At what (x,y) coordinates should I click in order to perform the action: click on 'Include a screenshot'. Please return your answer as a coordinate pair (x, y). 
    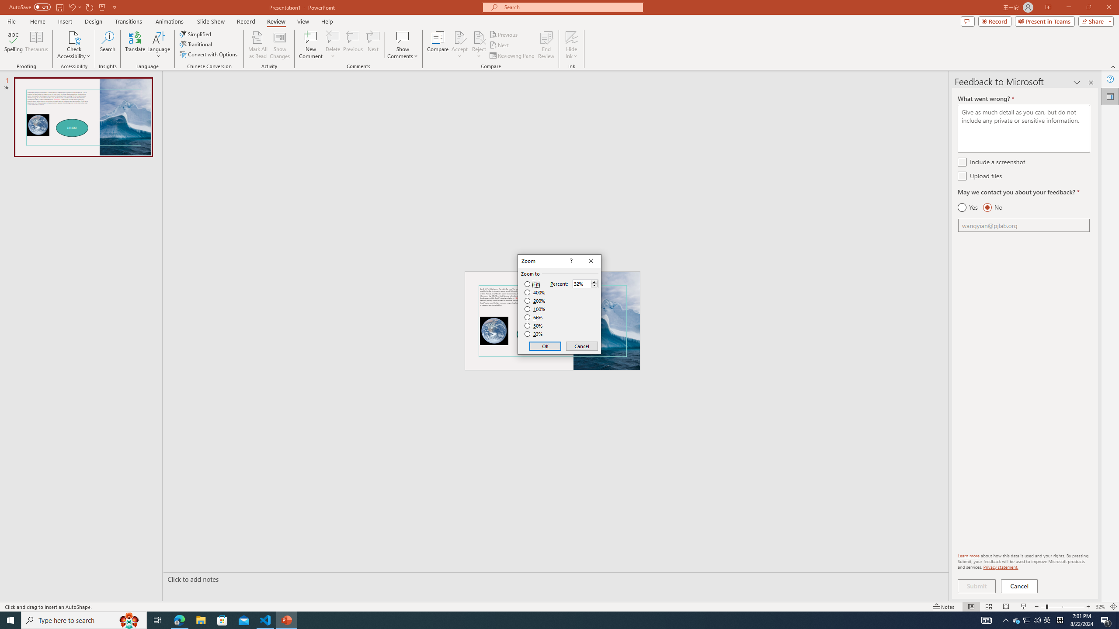
    Looking at the image, I should click on (962, 161).